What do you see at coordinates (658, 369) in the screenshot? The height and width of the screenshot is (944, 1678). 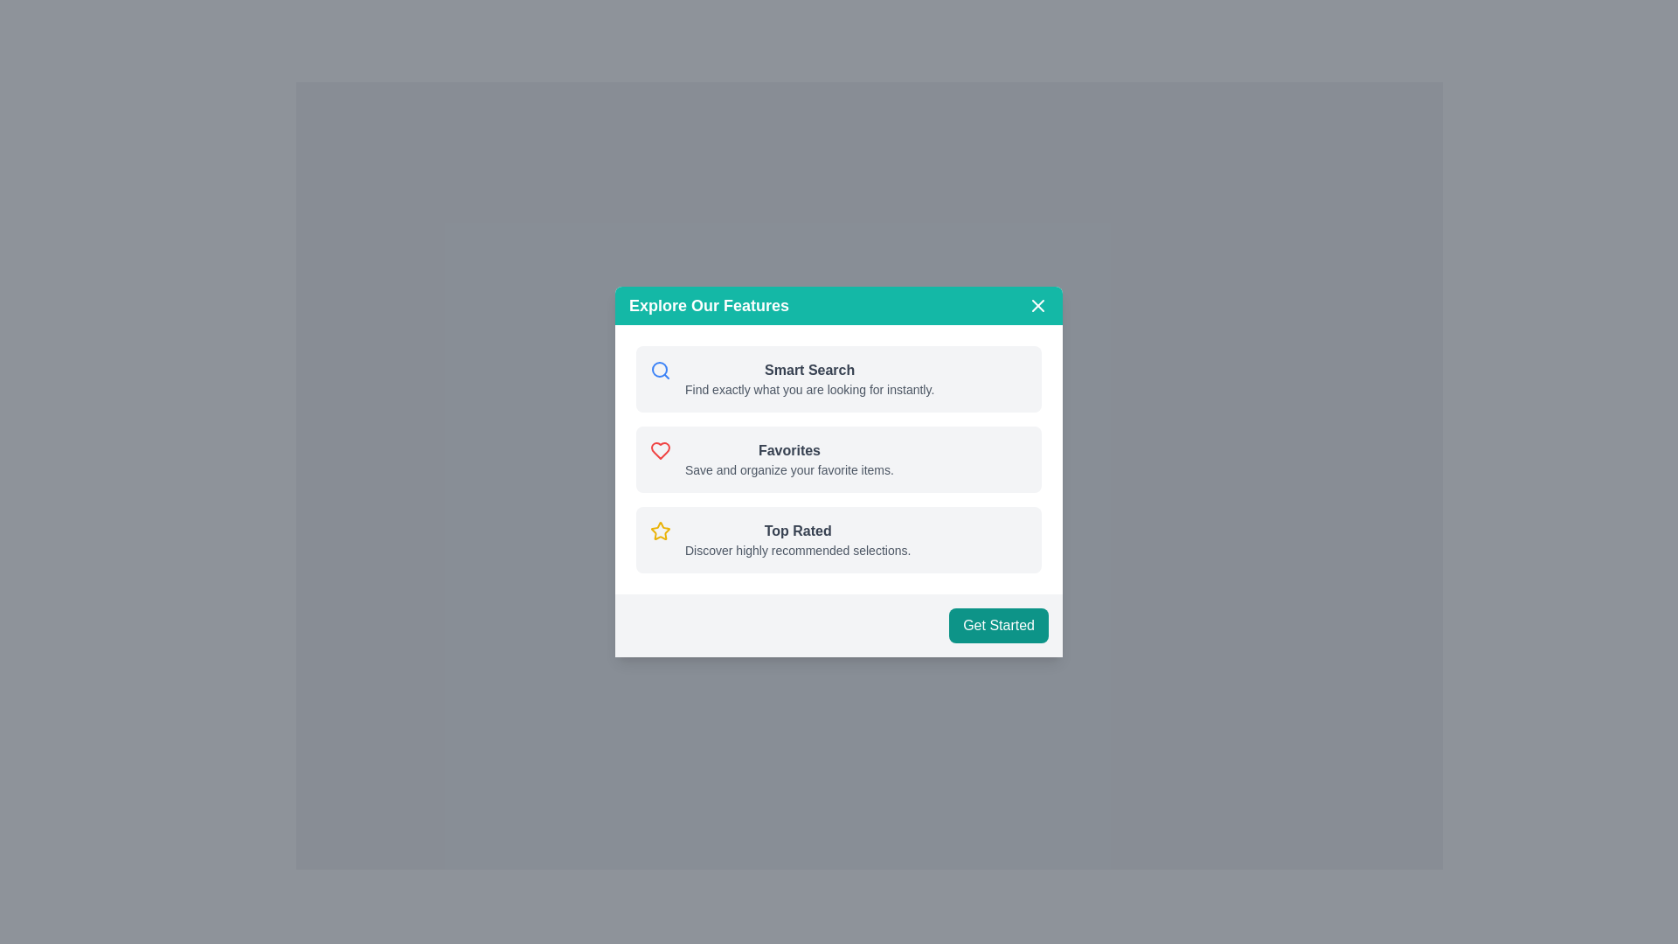 I see `the blue-bordered circular shape icon representing part of the magnifying glass, located to the left of the 'Smart Search' text in the 'Explore Our Features' modal pop-up` at bounding box center [658, 369].